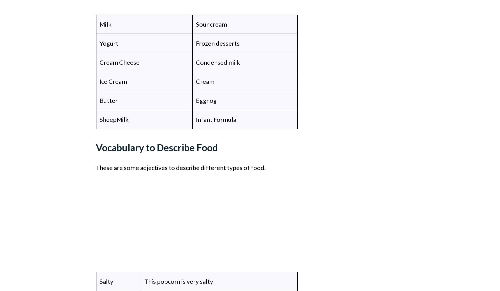 The image size is (500, 291). I want to click on 'Sour cream', so click(211, 24).